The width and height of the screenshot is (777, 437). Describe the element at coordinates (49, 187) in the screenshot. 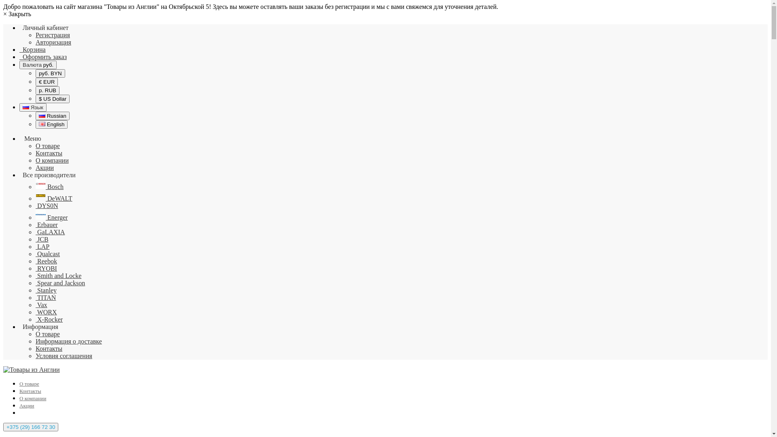

I see `'Bosch'` at that location.